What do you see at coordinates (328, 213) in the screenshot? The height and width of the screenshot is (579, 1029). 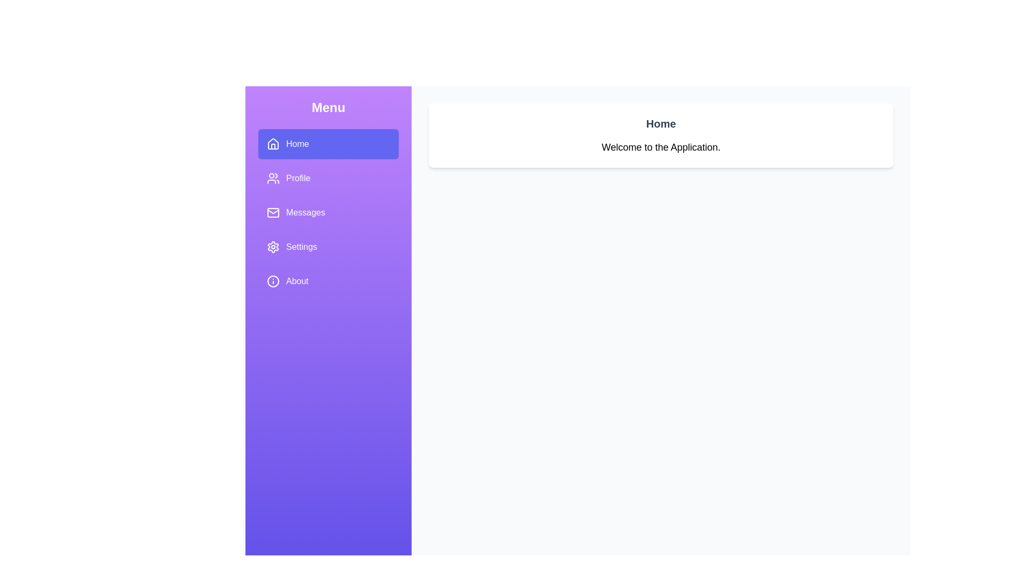 I see `the navigation button for accessing the 'Messages' section located in the vertical sidebar menu, positioned third from the top, between 'Profile' and 'Settings'` at bounding box center [328, 213].